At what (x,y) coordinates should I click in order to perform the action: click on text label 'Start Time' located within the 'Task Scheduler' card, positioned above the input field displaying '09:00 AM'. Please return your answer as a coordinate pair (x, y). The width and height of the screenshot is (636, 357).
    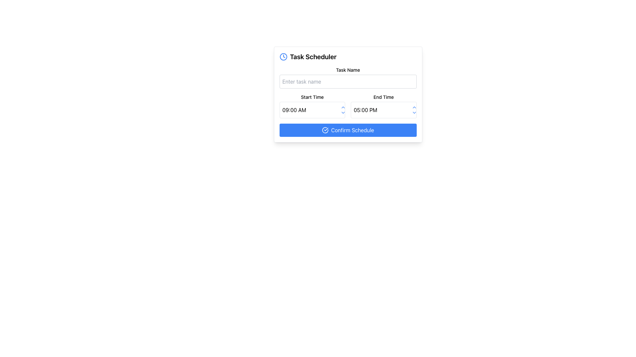
    Looking at the image, I should click on (312, 97).